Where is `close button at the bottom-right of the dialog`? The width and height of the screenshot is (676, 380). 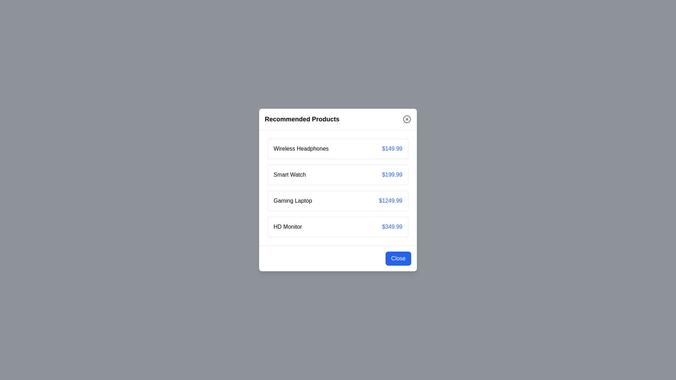 close button at the bottom-right of the dialog is located at coordinates (398, 259).